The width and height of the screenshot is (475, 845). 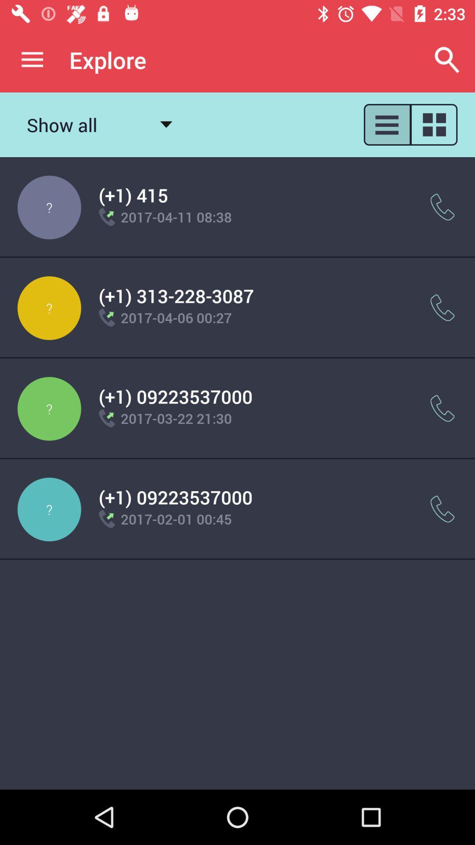 I want to click on list view, so click(x=386, y=124).